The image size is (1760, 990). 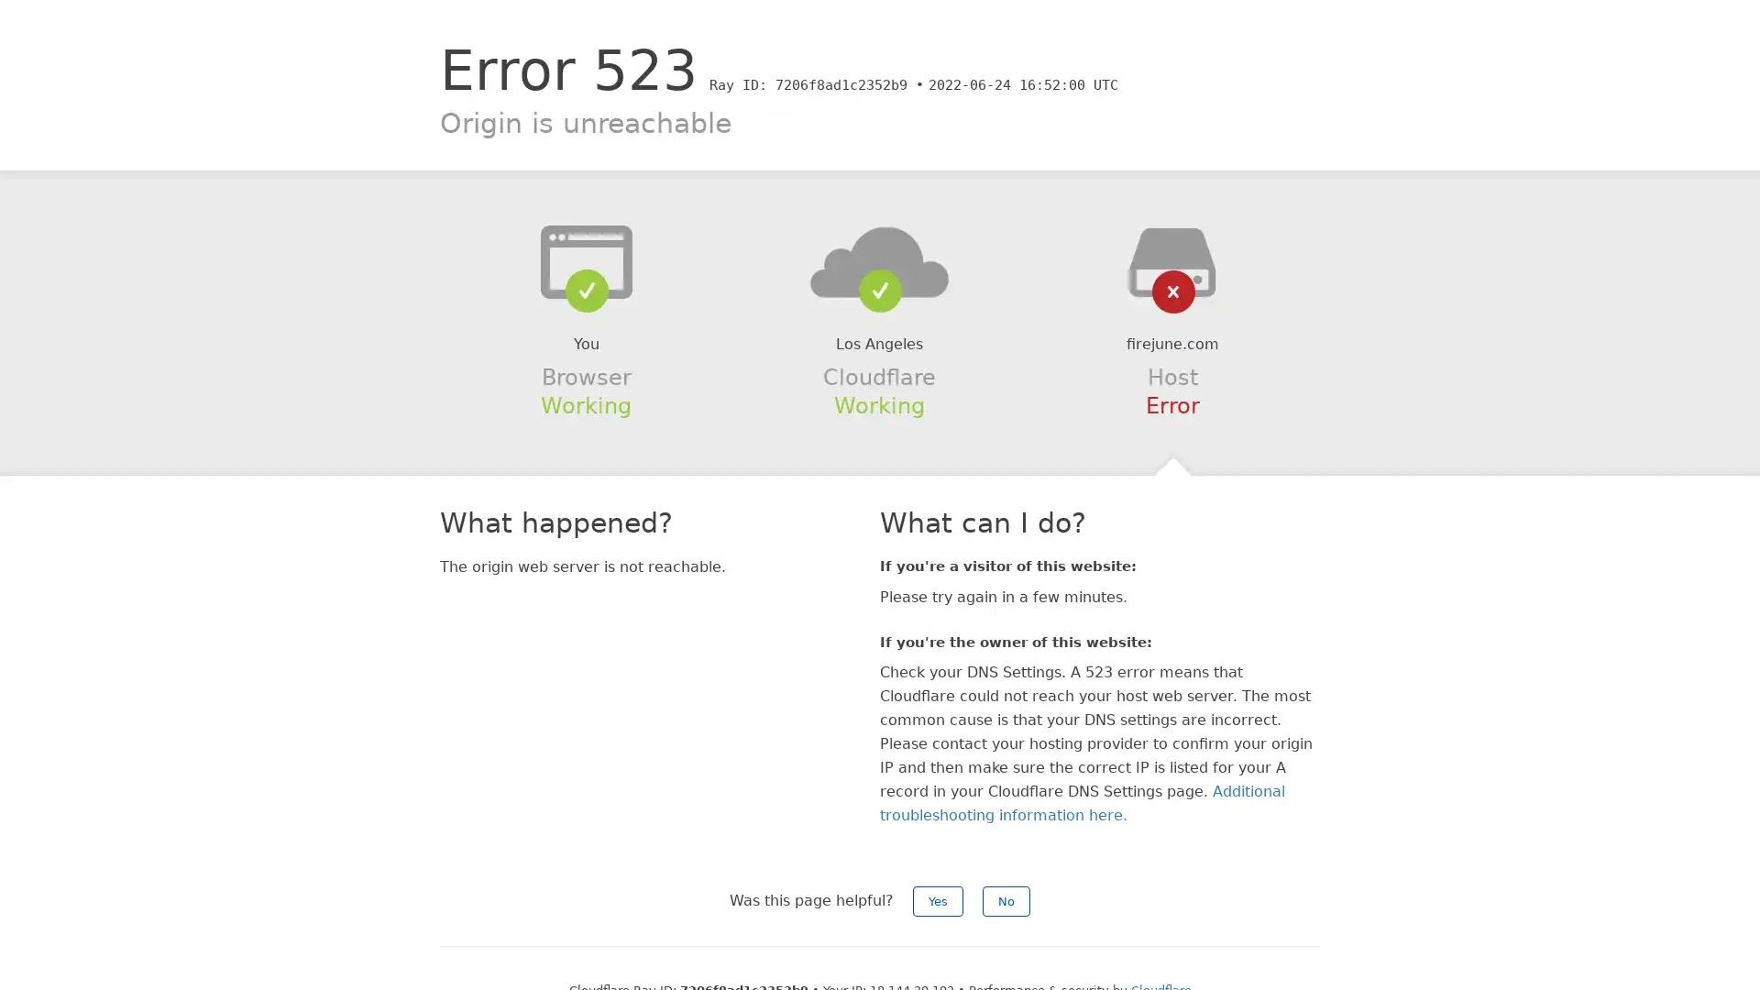 What do you see at coordinates (938, 900) in the screenshot?
I see `Yes` at bounding box center [938, 900].